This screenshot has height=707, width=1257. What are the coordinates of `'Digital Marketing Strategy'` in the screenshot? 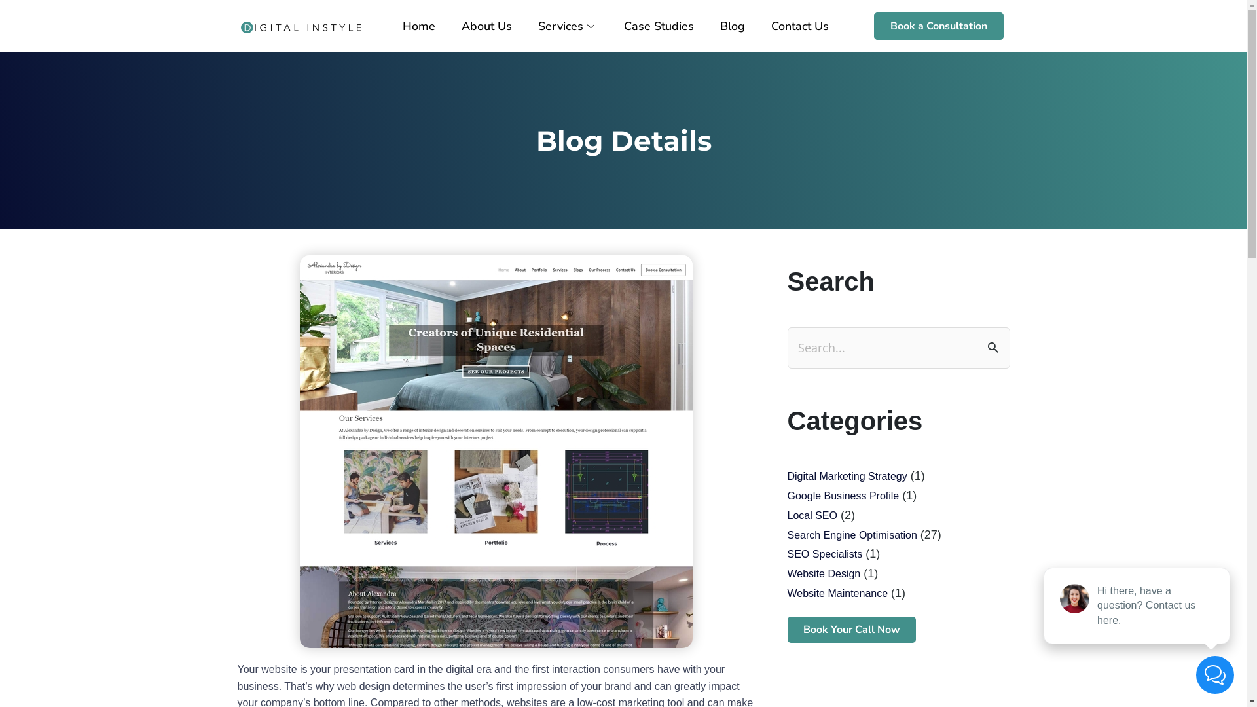 It's located at (847, 476).